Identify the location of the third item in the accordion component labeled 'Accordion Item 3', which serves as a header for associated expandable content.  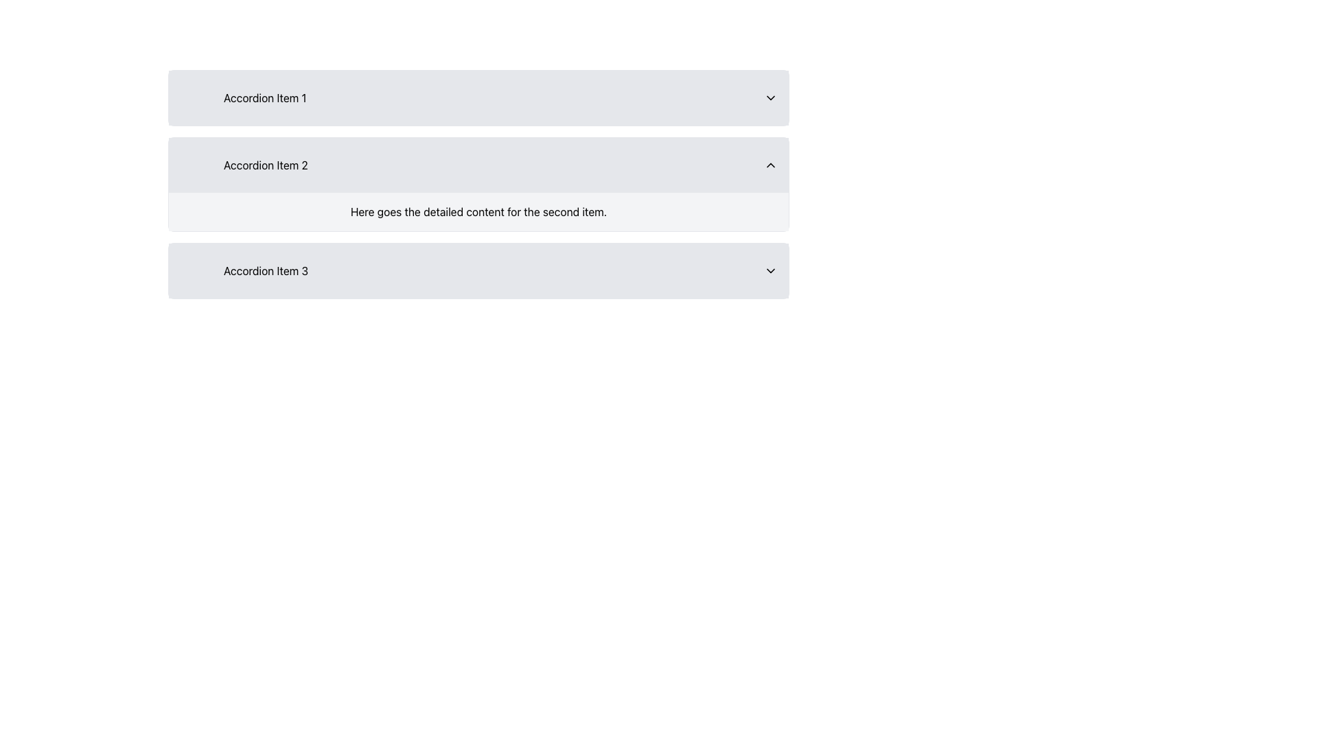
(244, 270).